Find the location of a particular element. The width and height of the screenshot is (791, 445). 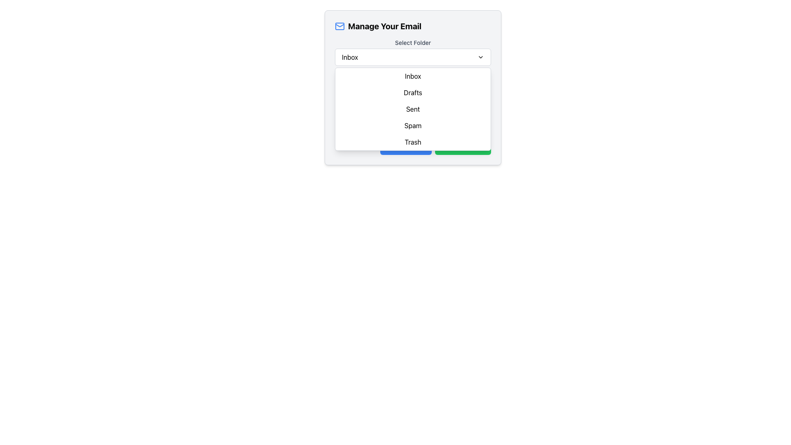

gray text label positioned above the dropdown menu, which is styled with a small-sized font and medium weight is located at coordinates (413, 43).